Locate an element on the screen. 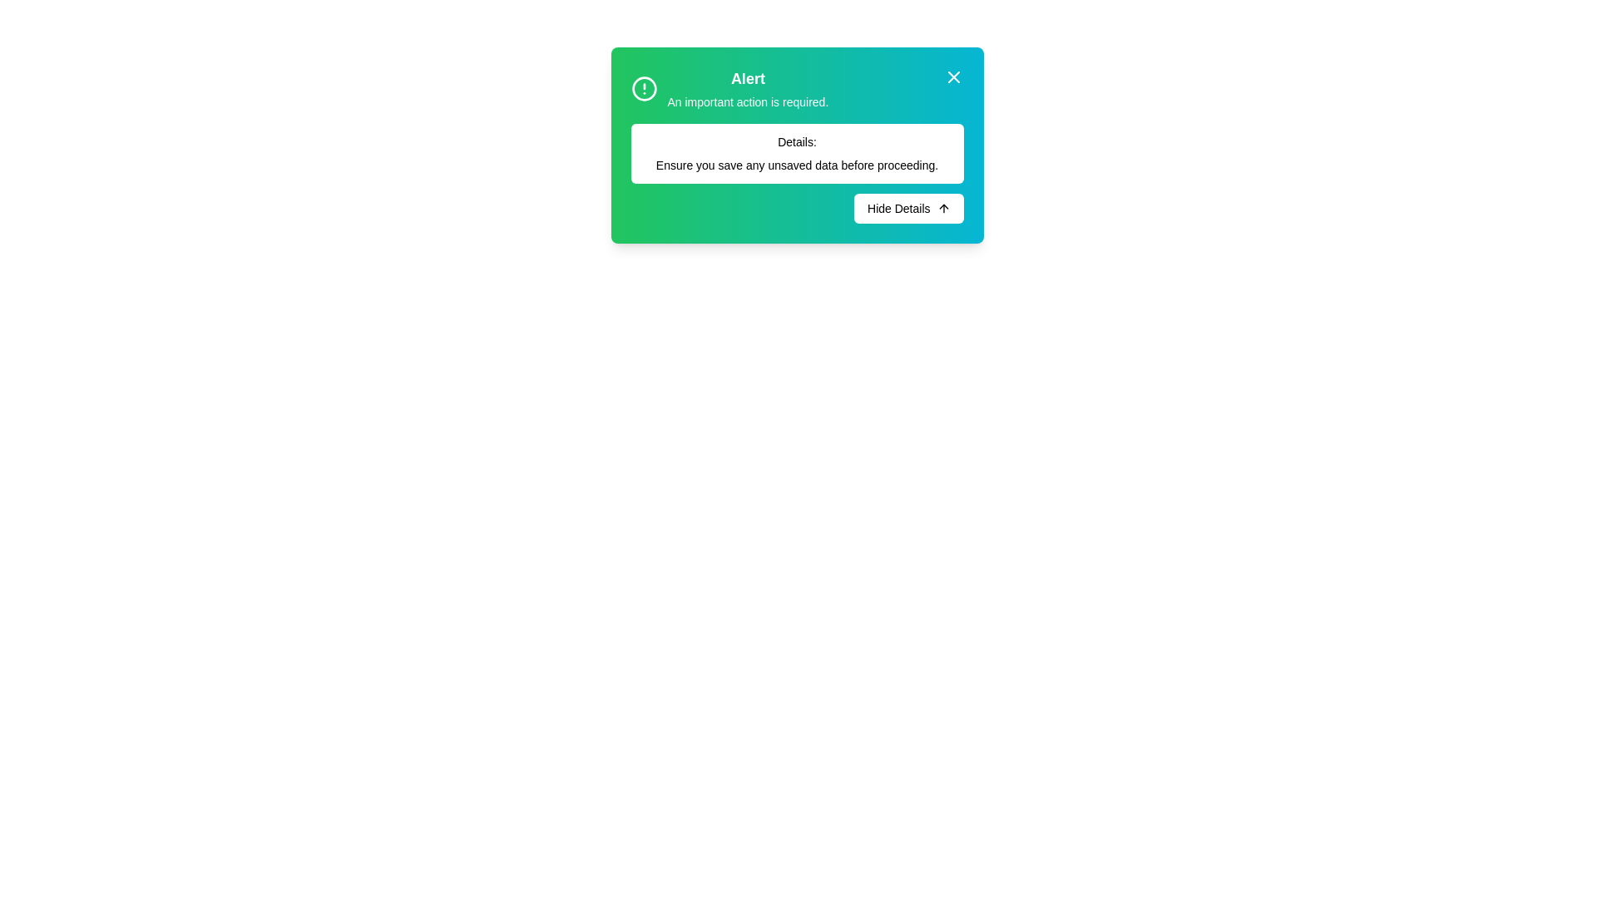 Image resolution: width=1597 pixels, height=898 pixels. the arrow icon within the 'Hide Details' button located in the bottom-right corner of the modal dialog is located at coordinates (943, 207).